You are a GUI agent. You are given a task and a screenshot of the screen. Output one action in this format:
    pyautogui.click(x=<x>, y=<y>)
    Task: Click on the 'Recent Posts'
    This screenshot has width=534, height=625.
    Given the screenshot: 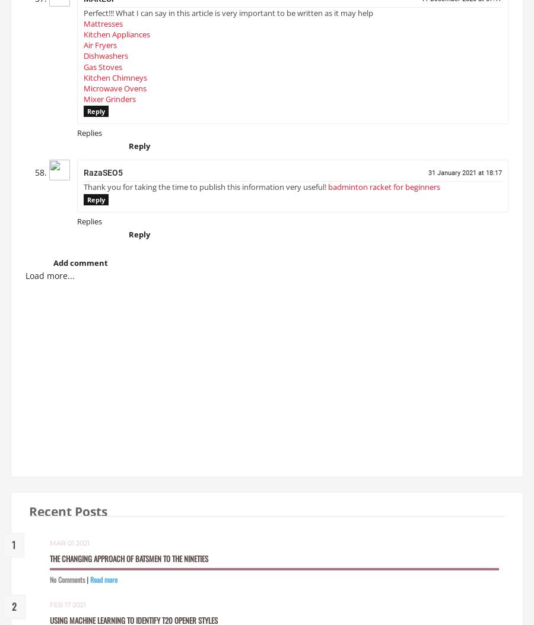 What is the action you would take?
    pyautogui.click(x=68, y=516)
    